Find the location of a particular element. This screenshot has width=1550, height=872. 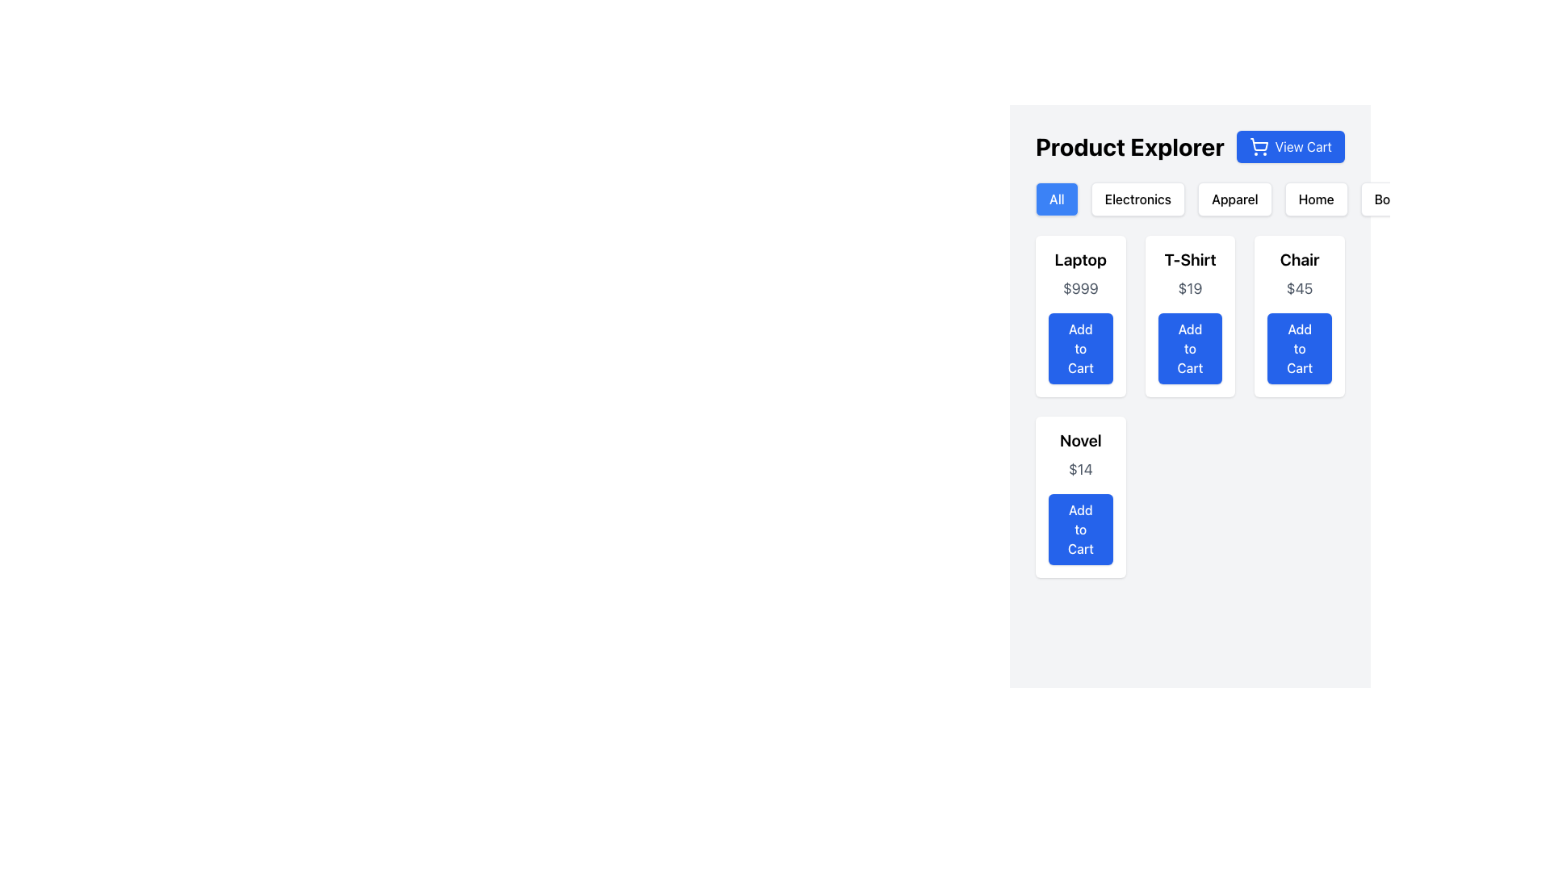

the 'Electronics' button on the horizontal navigation bar is located at coordinates (1190, 198).